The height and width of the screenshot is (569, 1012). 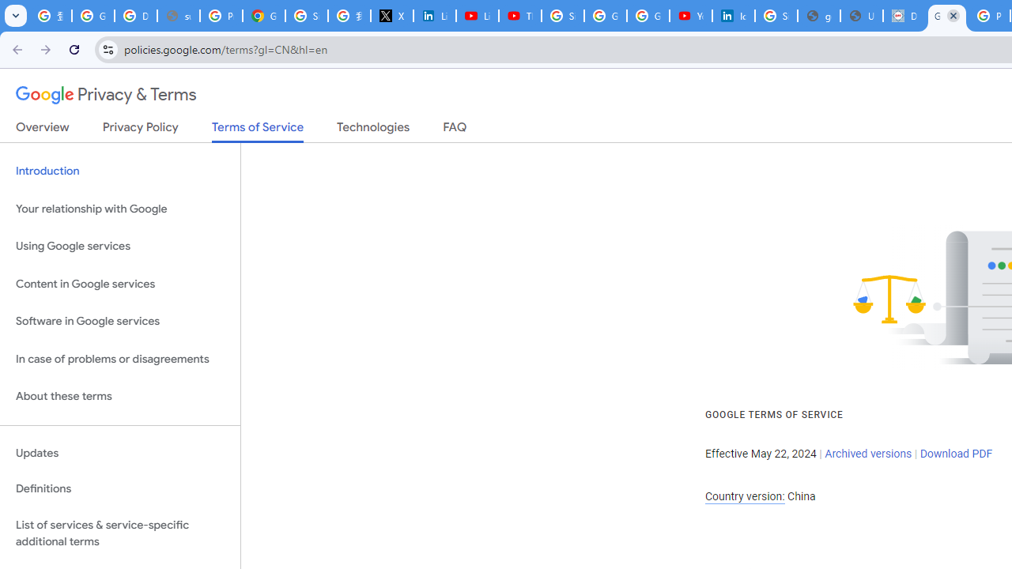 I want to click on 'LinkedIn Privacy Policy', so click(x=435, y=16).